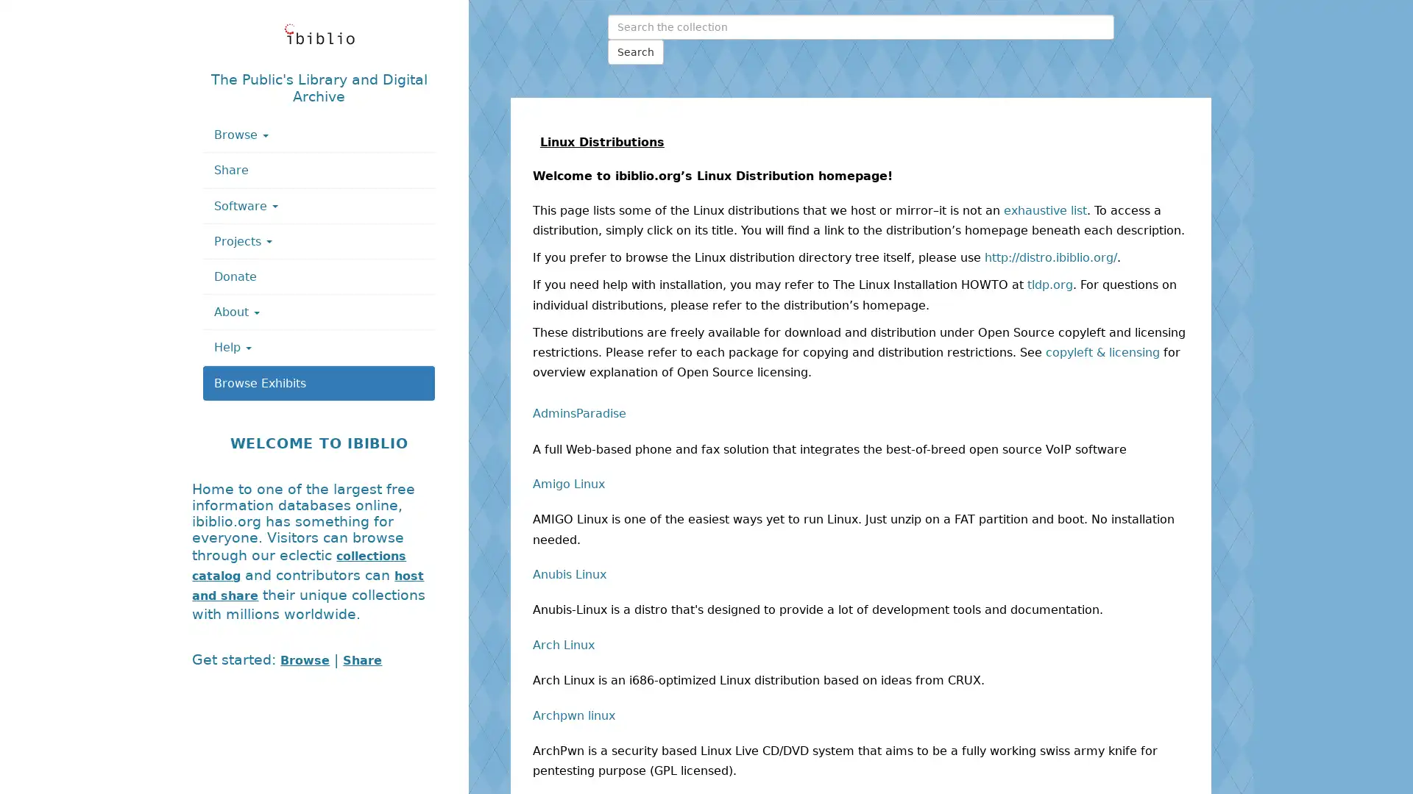 Image resolution: width=1413 pixels, height=794 pixels. What do you see at coordinates (635, 51) in the screenshot?
I see `Search` at bounding box center [635, 51].